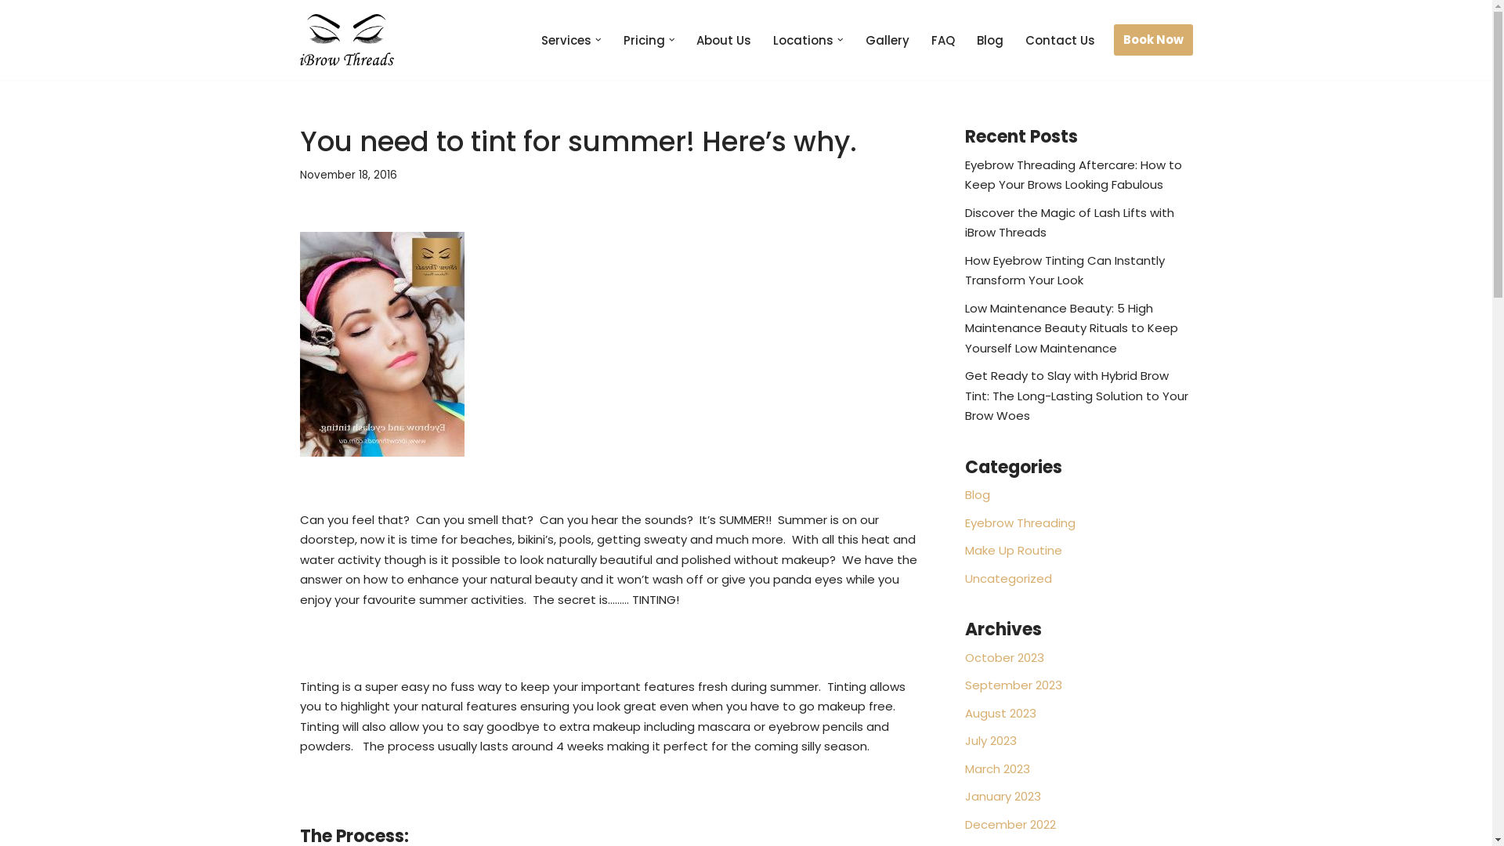 This screenshot has width=1504, height=846. I want to click on 'How Eyebrow Tinting Can Instantly Transform Your Look', so click(964, 269).